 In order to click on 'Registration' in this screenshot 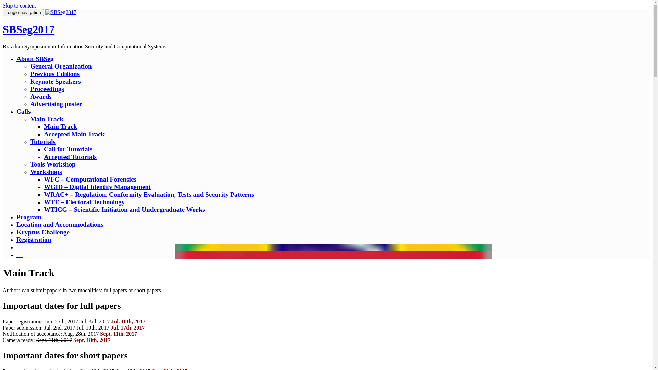, I will do `click(33, 239)`.